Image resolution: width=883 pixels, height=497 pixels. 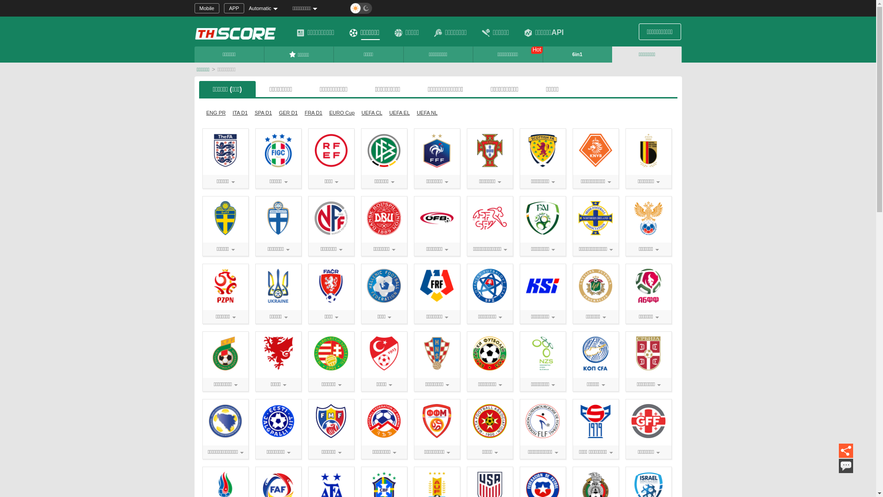 I want to click on '6in1', so click(x=543, y=54).